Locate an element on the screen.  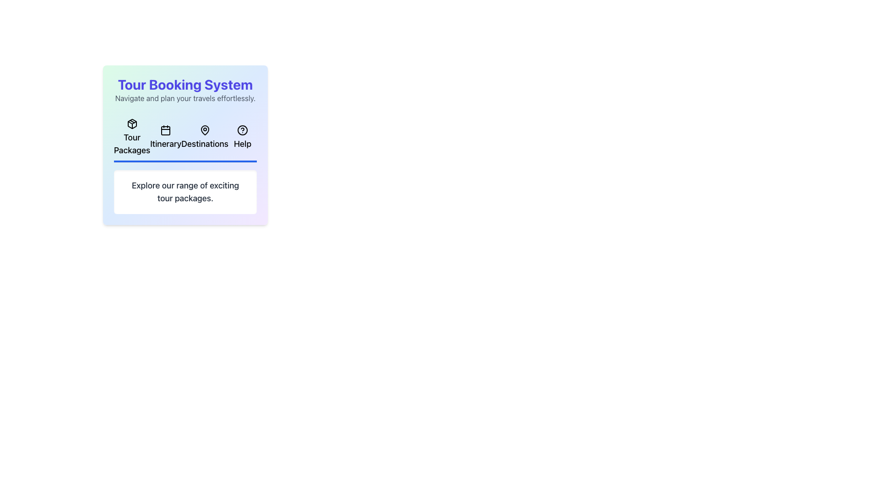
the 'Tour Packages' icon in the navigation menu, which is the first icon from the left and positioned above the text label 'Tour Packages' is located at coordinates (131, 123).